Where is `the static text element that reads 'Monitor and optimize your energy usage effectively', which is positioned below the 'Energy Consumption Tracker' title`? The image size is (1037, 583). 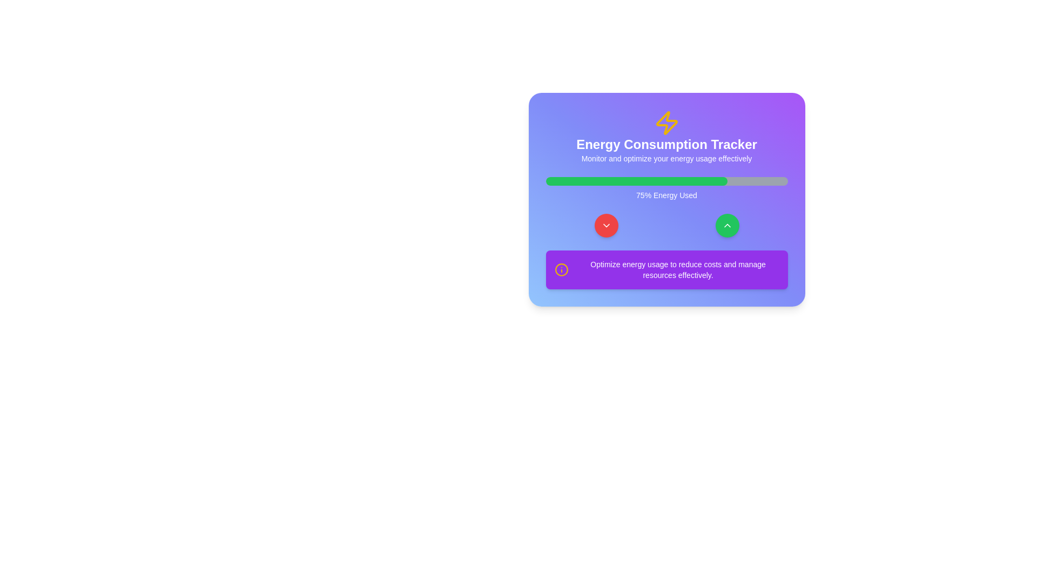 the static text element that reads 'Monitor and optimize your energy usage effectively', which is positioned below the 'Energy Consumption Tracker' title is located at coordinates (666, 158).